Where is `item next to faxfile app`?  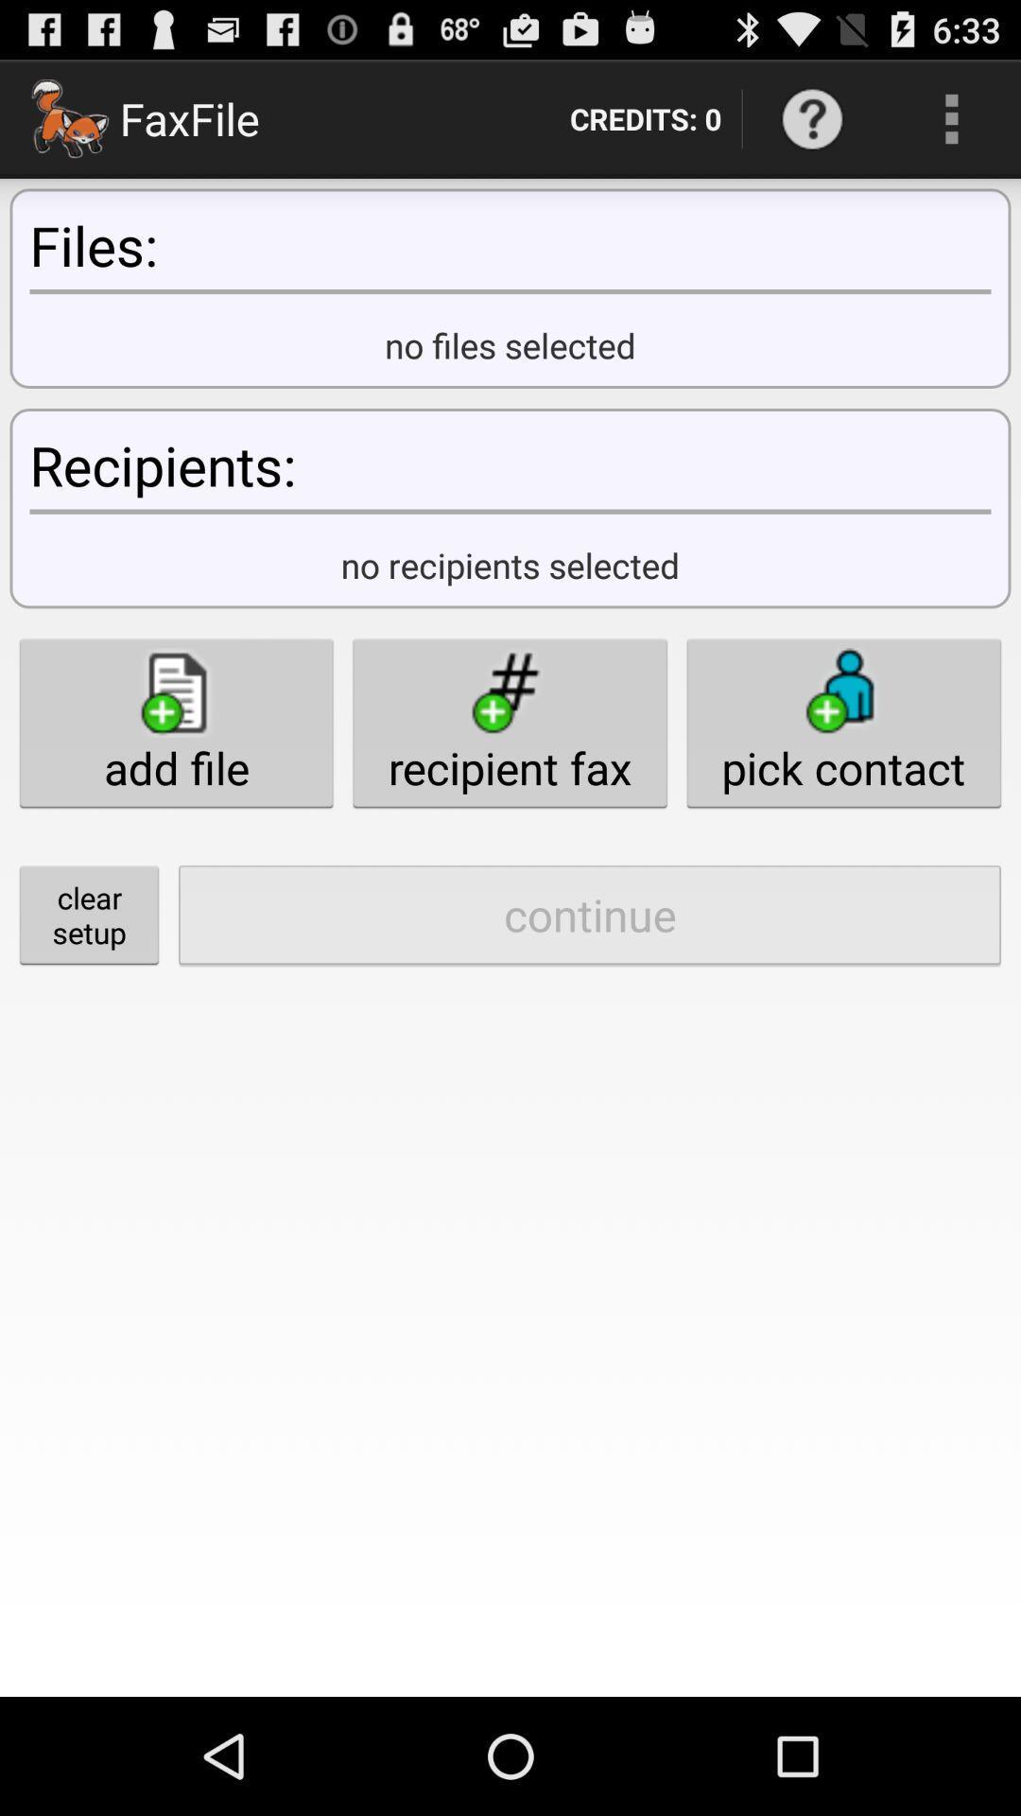 item next to faxfile app is located at coordinates (645, 117).